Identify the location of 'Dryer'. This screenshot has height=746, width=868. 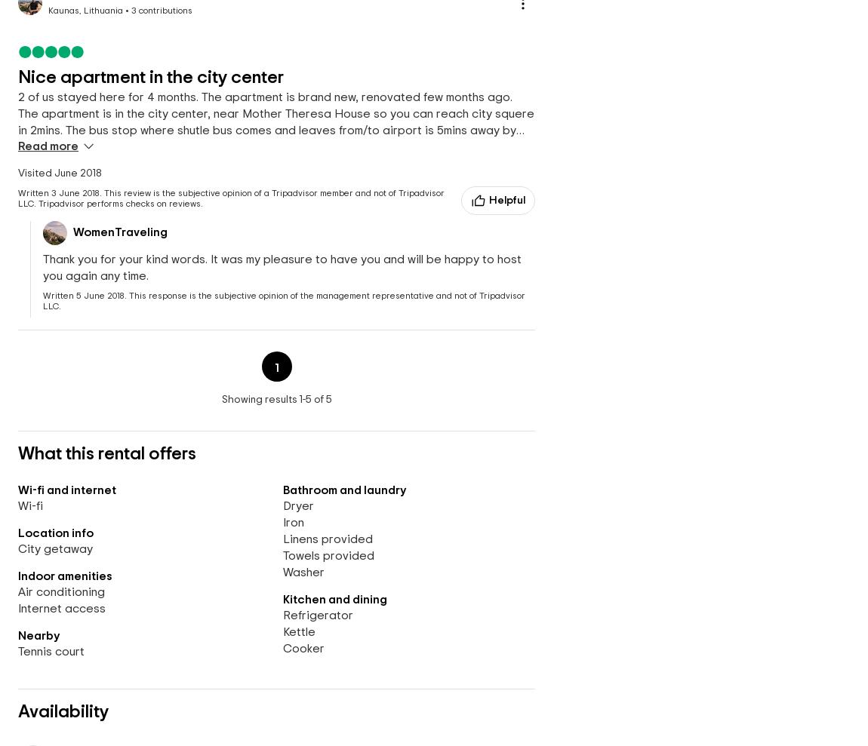
(297, 505).